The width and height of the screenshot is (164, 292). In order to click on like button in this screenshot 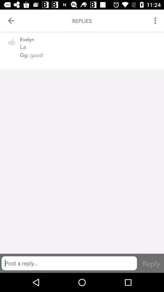, I will do `click(12, 45)`.